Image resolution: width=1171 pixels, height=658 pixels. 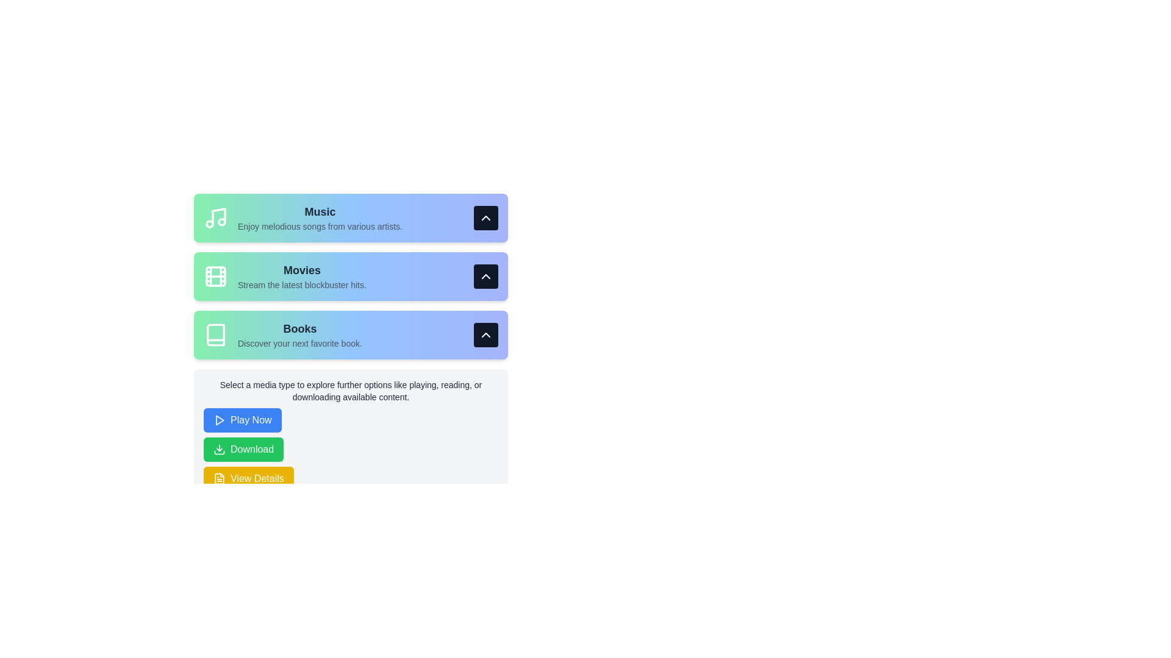 What do you see at coordinates (320, 211) in the screenshot?
I see `the 'Music' text label` at bounding box center [320, 211].